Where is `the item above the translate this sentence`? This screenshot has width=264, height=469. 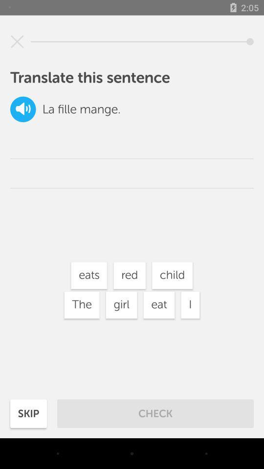
the item above the translate this sentence is located at coordinates (17, 42).